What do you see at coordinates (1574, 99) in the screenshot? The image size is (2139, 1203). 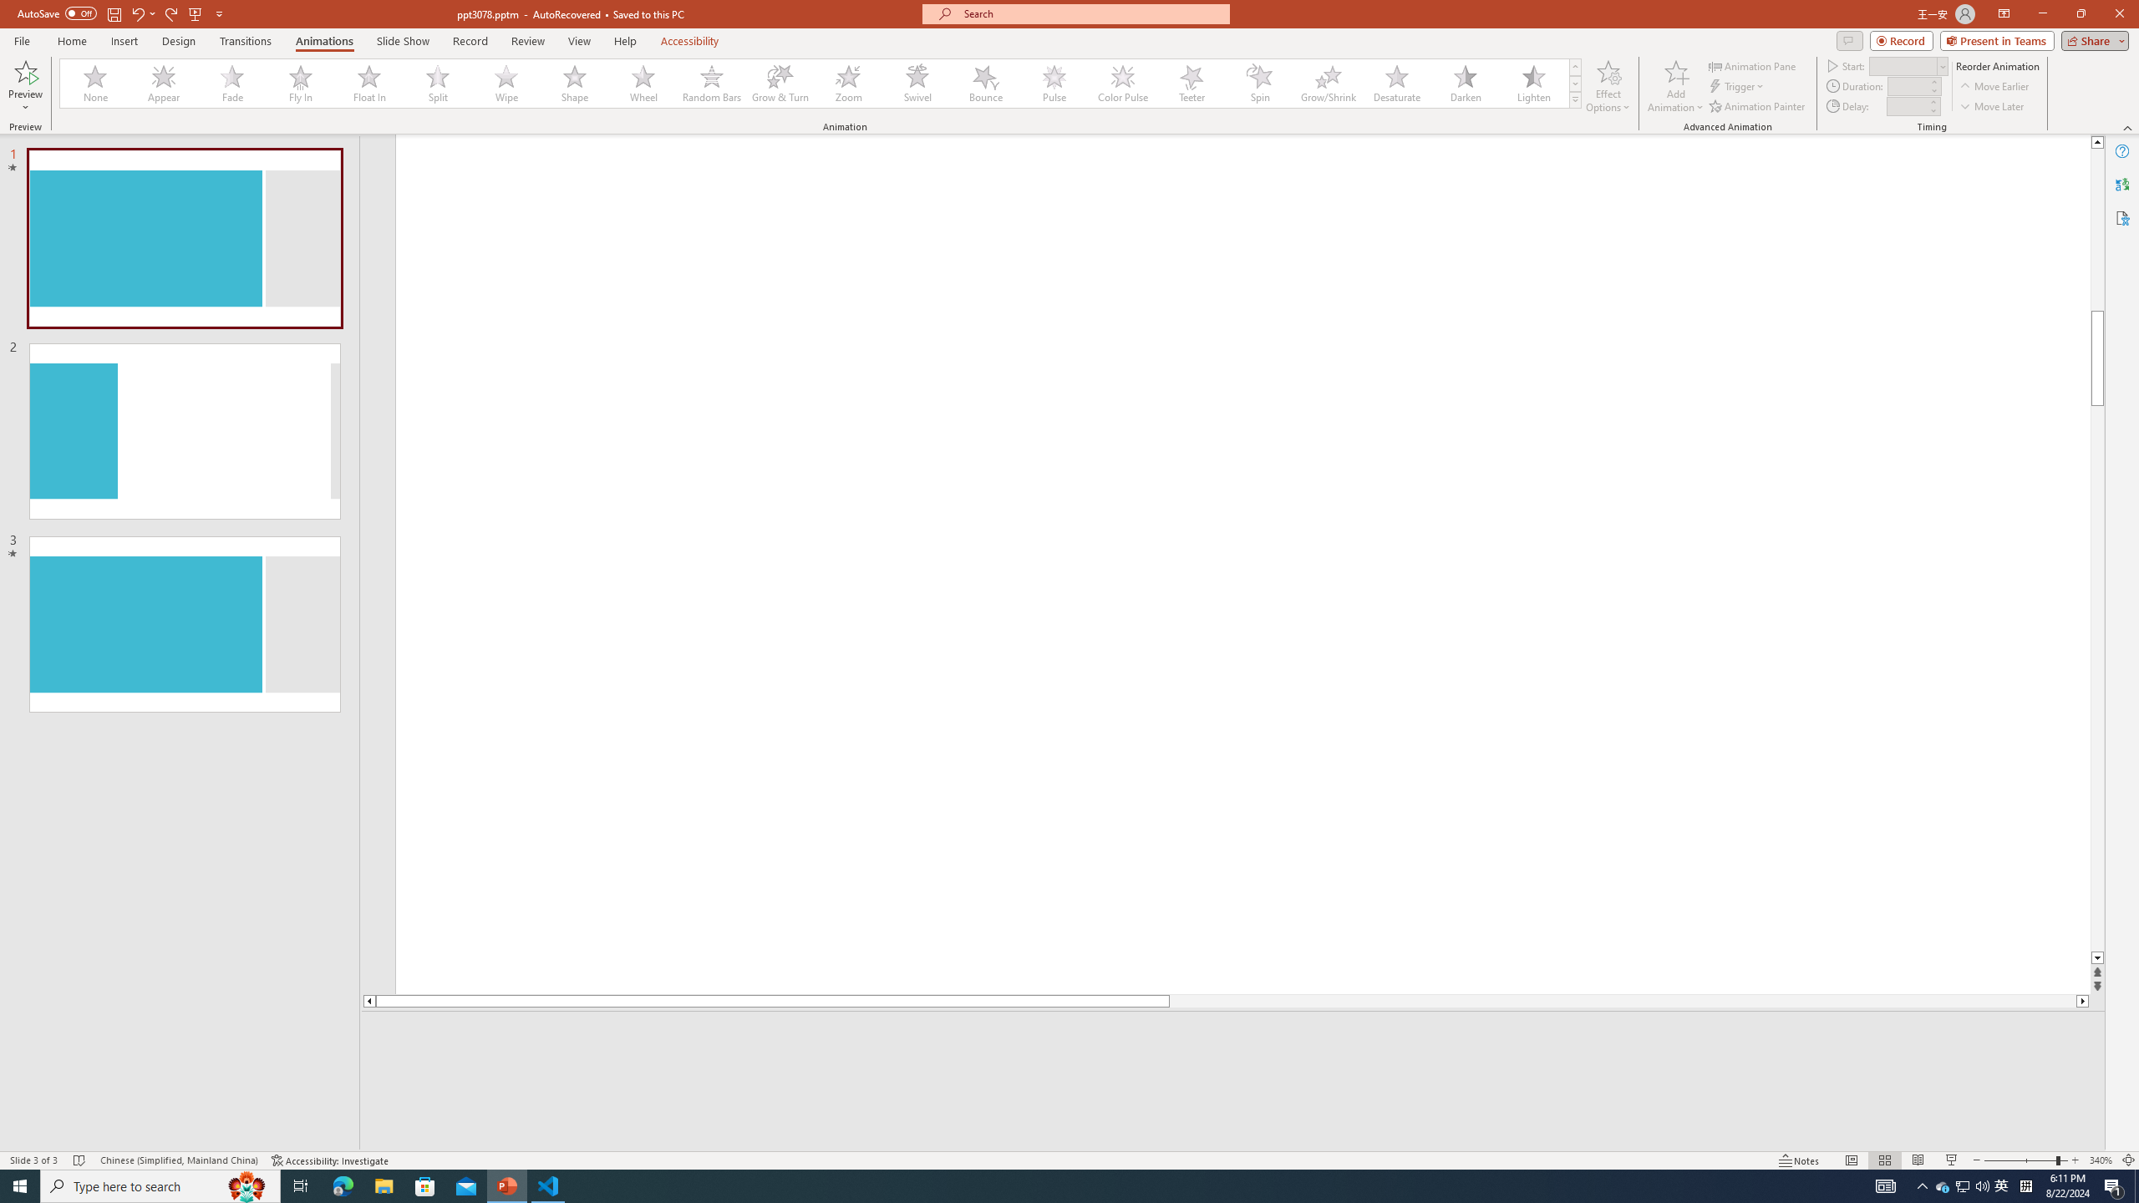 I see `'Animation Styles'` at bounding box center [1574, 99].